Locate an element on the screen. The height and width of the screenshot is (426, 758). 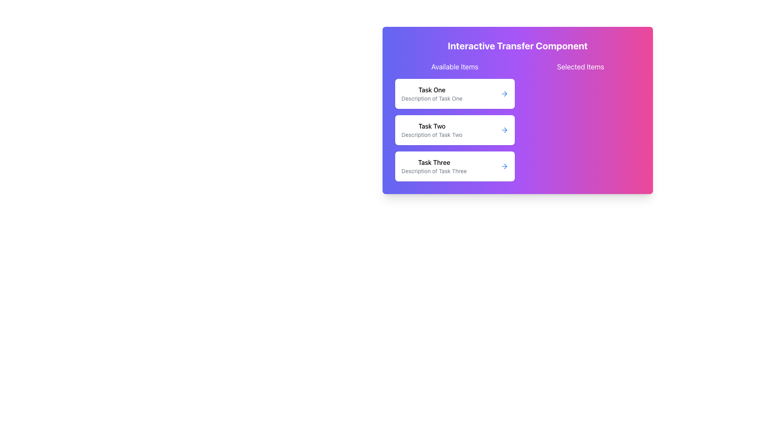
the 'Task Three' text label which is centrally aligned in a card-like structure, serving as the title for the description of Task Three is located at coordinates (433, 162).